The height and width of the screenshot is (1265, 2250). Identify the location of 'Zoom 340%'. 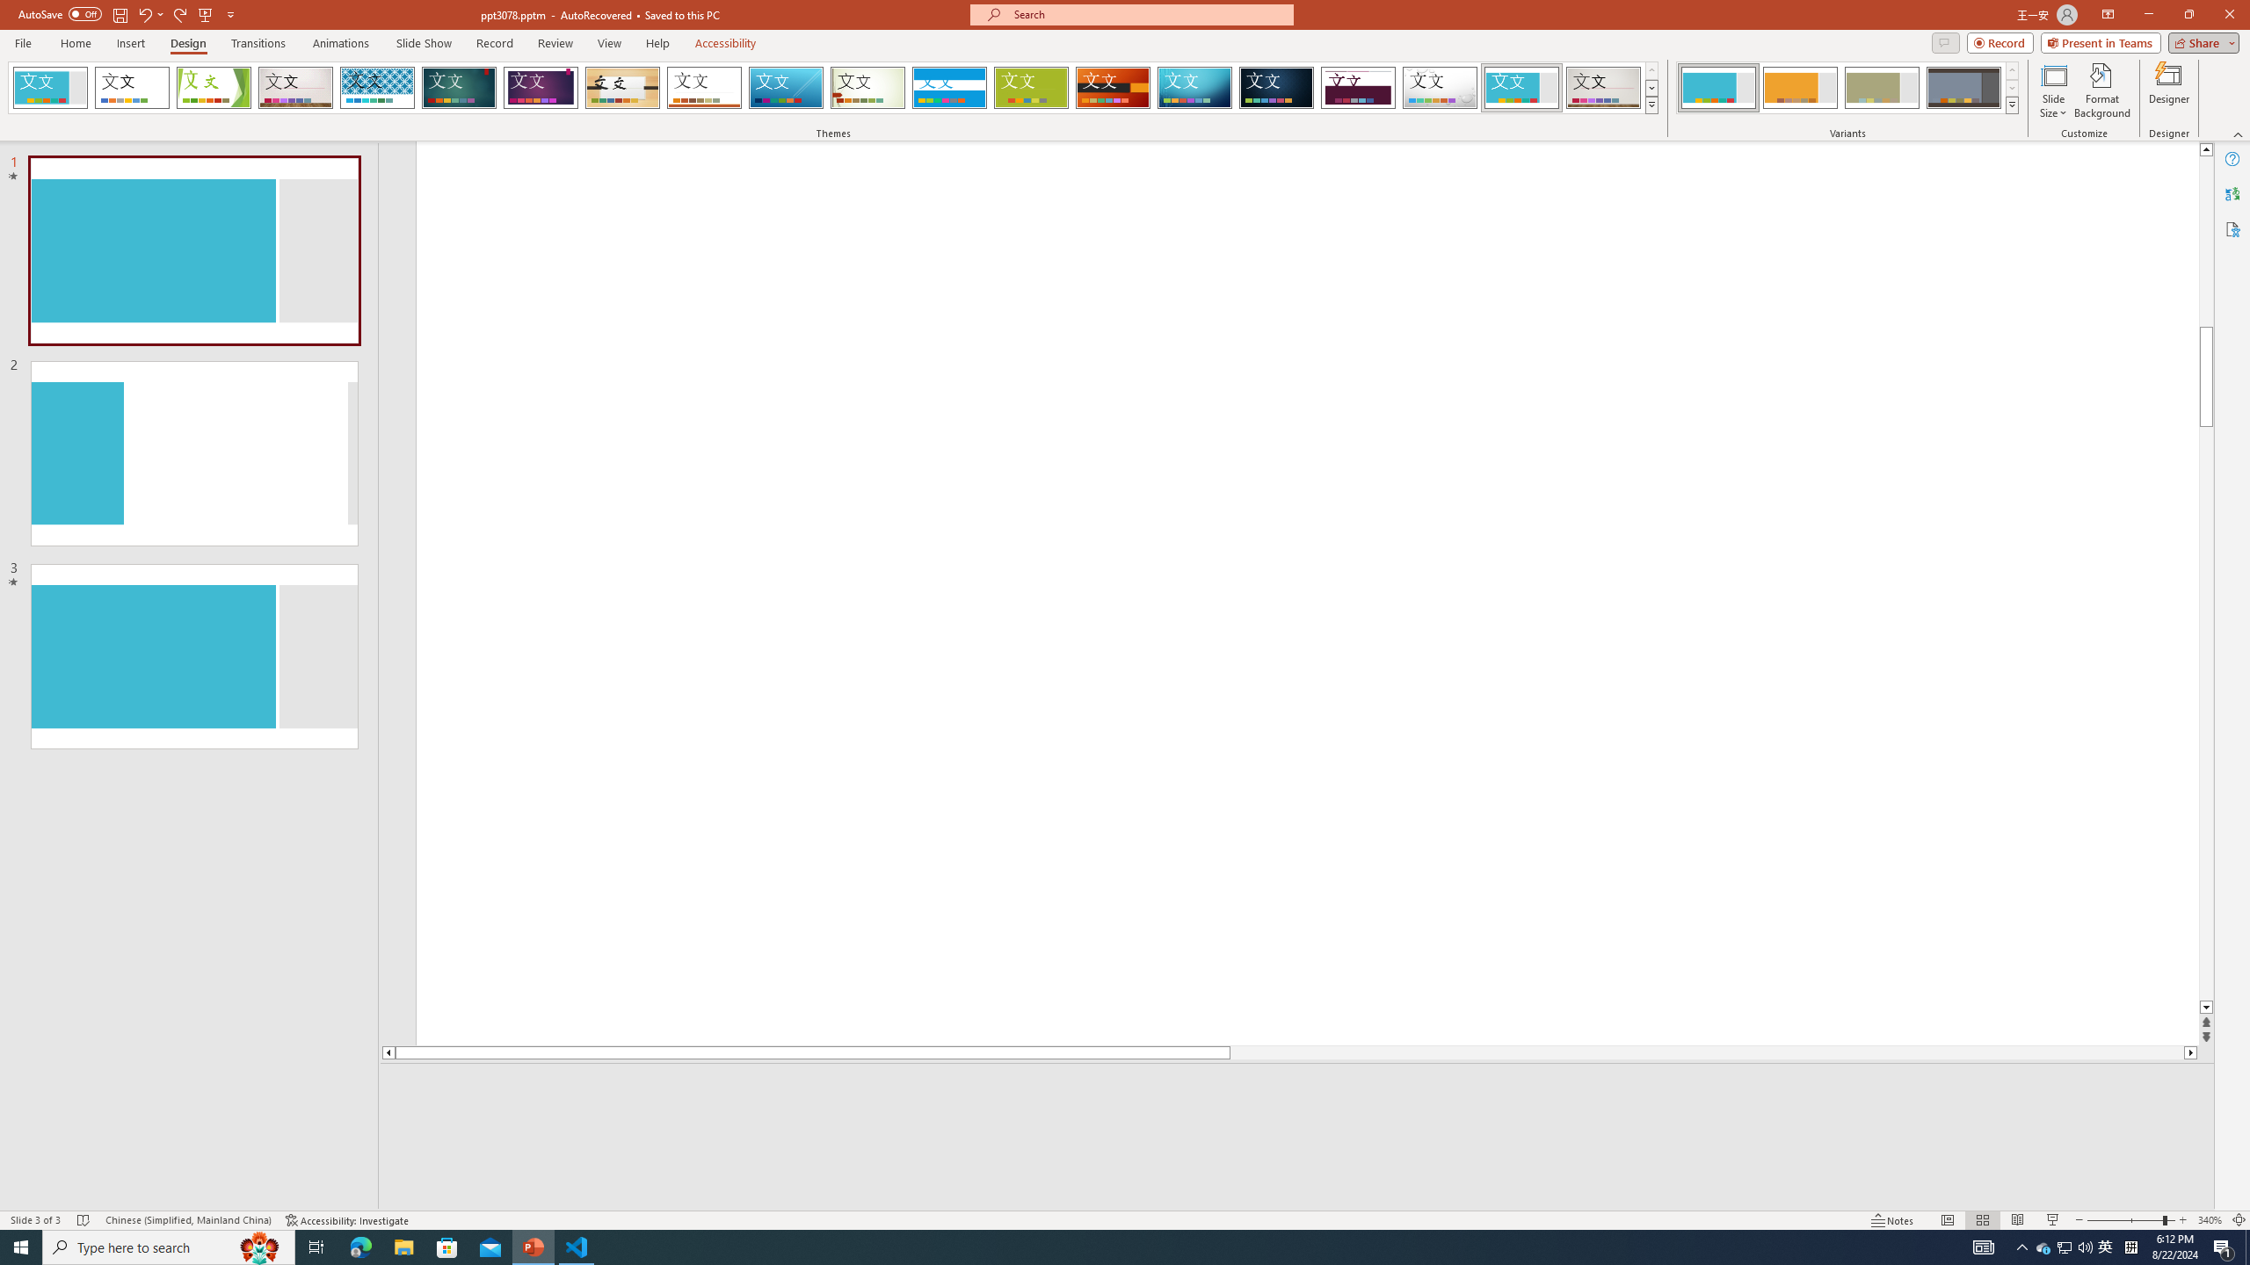
(2210, 1220).